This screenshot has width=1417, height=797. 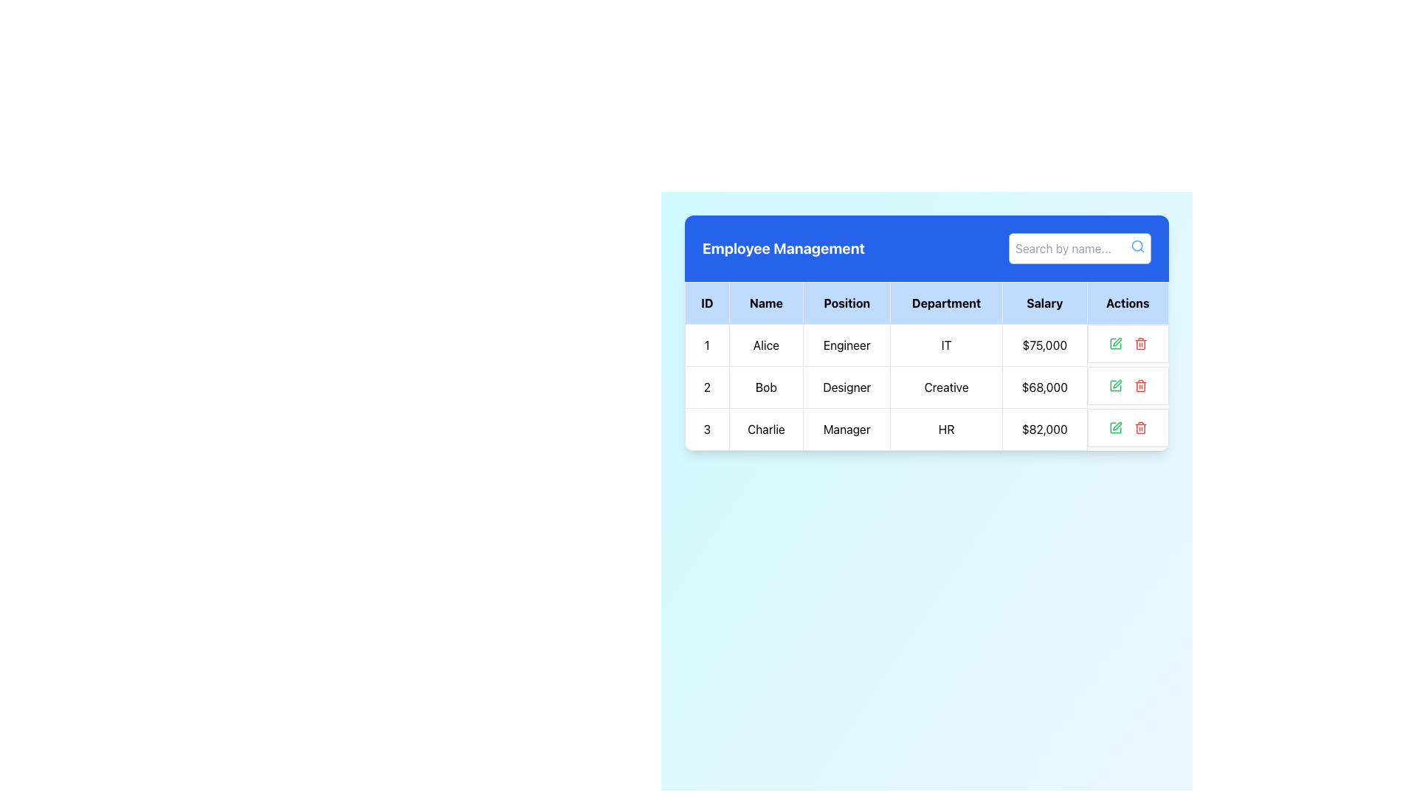 I want to click on the non-interactive text display showing the salary amount for 'Bob', located in the second row of the table under the 'Salary' column, so click(x=1044, y=386).